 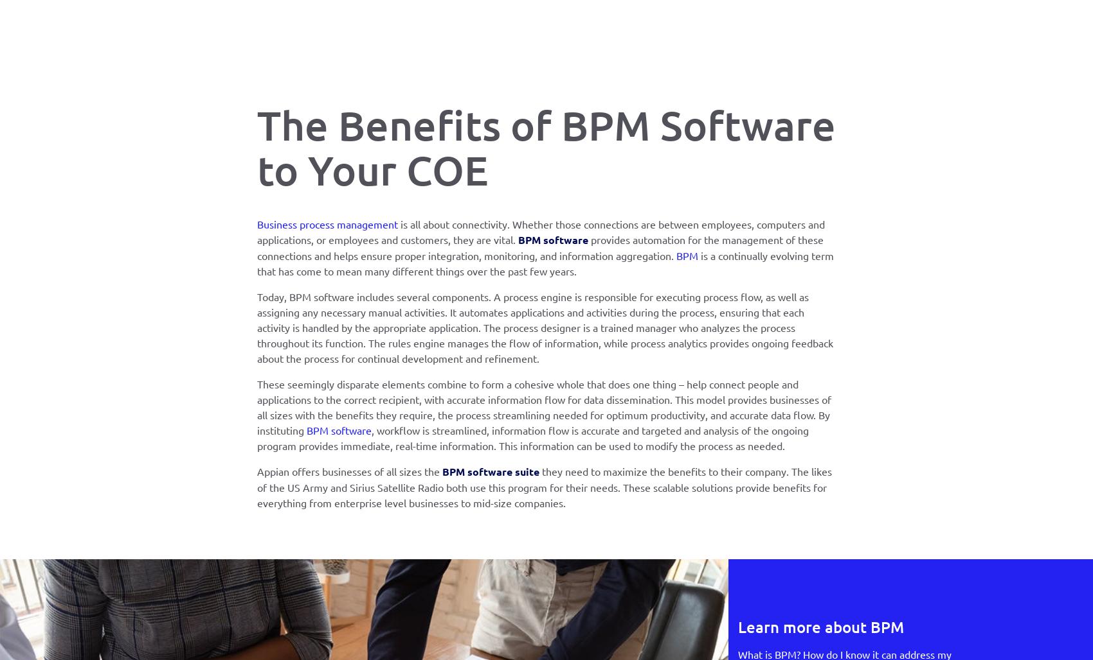 What do you see at coordinates (802, 430) in the screenshot?
I see `'Gartner® Emerging Tech Impact Radar: Hyperautomation 2023'` at bounding box center [802, 430].